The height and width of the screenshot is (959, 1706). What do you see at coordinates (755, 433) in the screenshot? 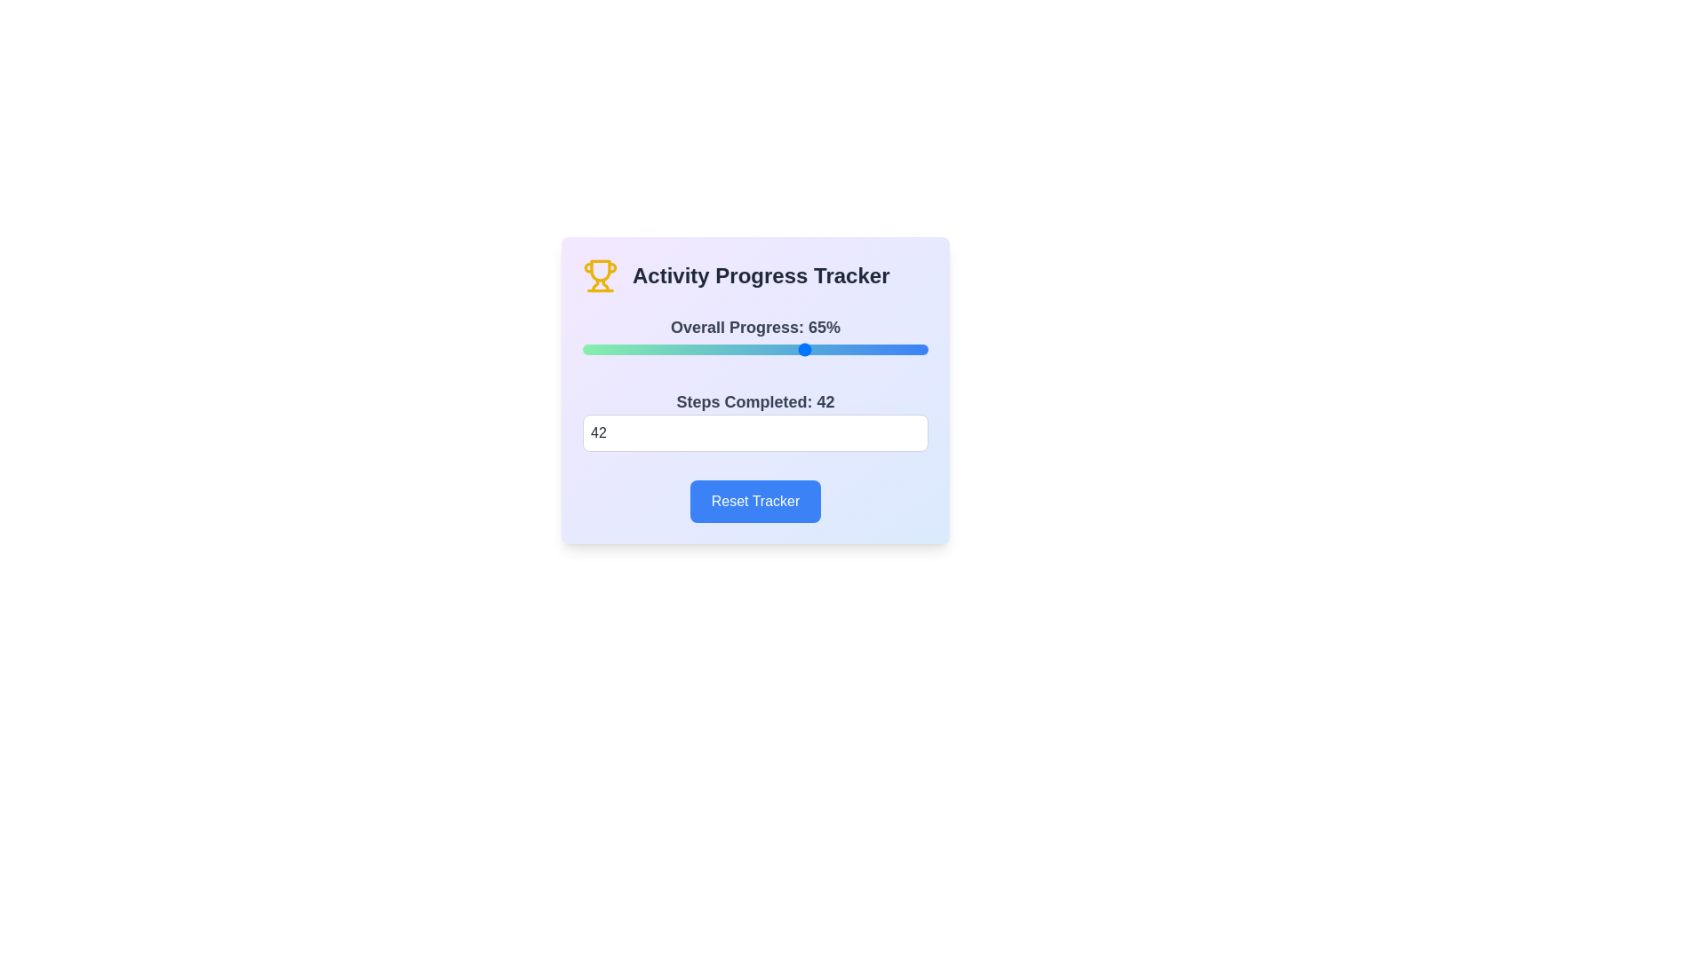
I see `the steps completed to 11 by entering the value in the input field` at bounding box center [755, 433].